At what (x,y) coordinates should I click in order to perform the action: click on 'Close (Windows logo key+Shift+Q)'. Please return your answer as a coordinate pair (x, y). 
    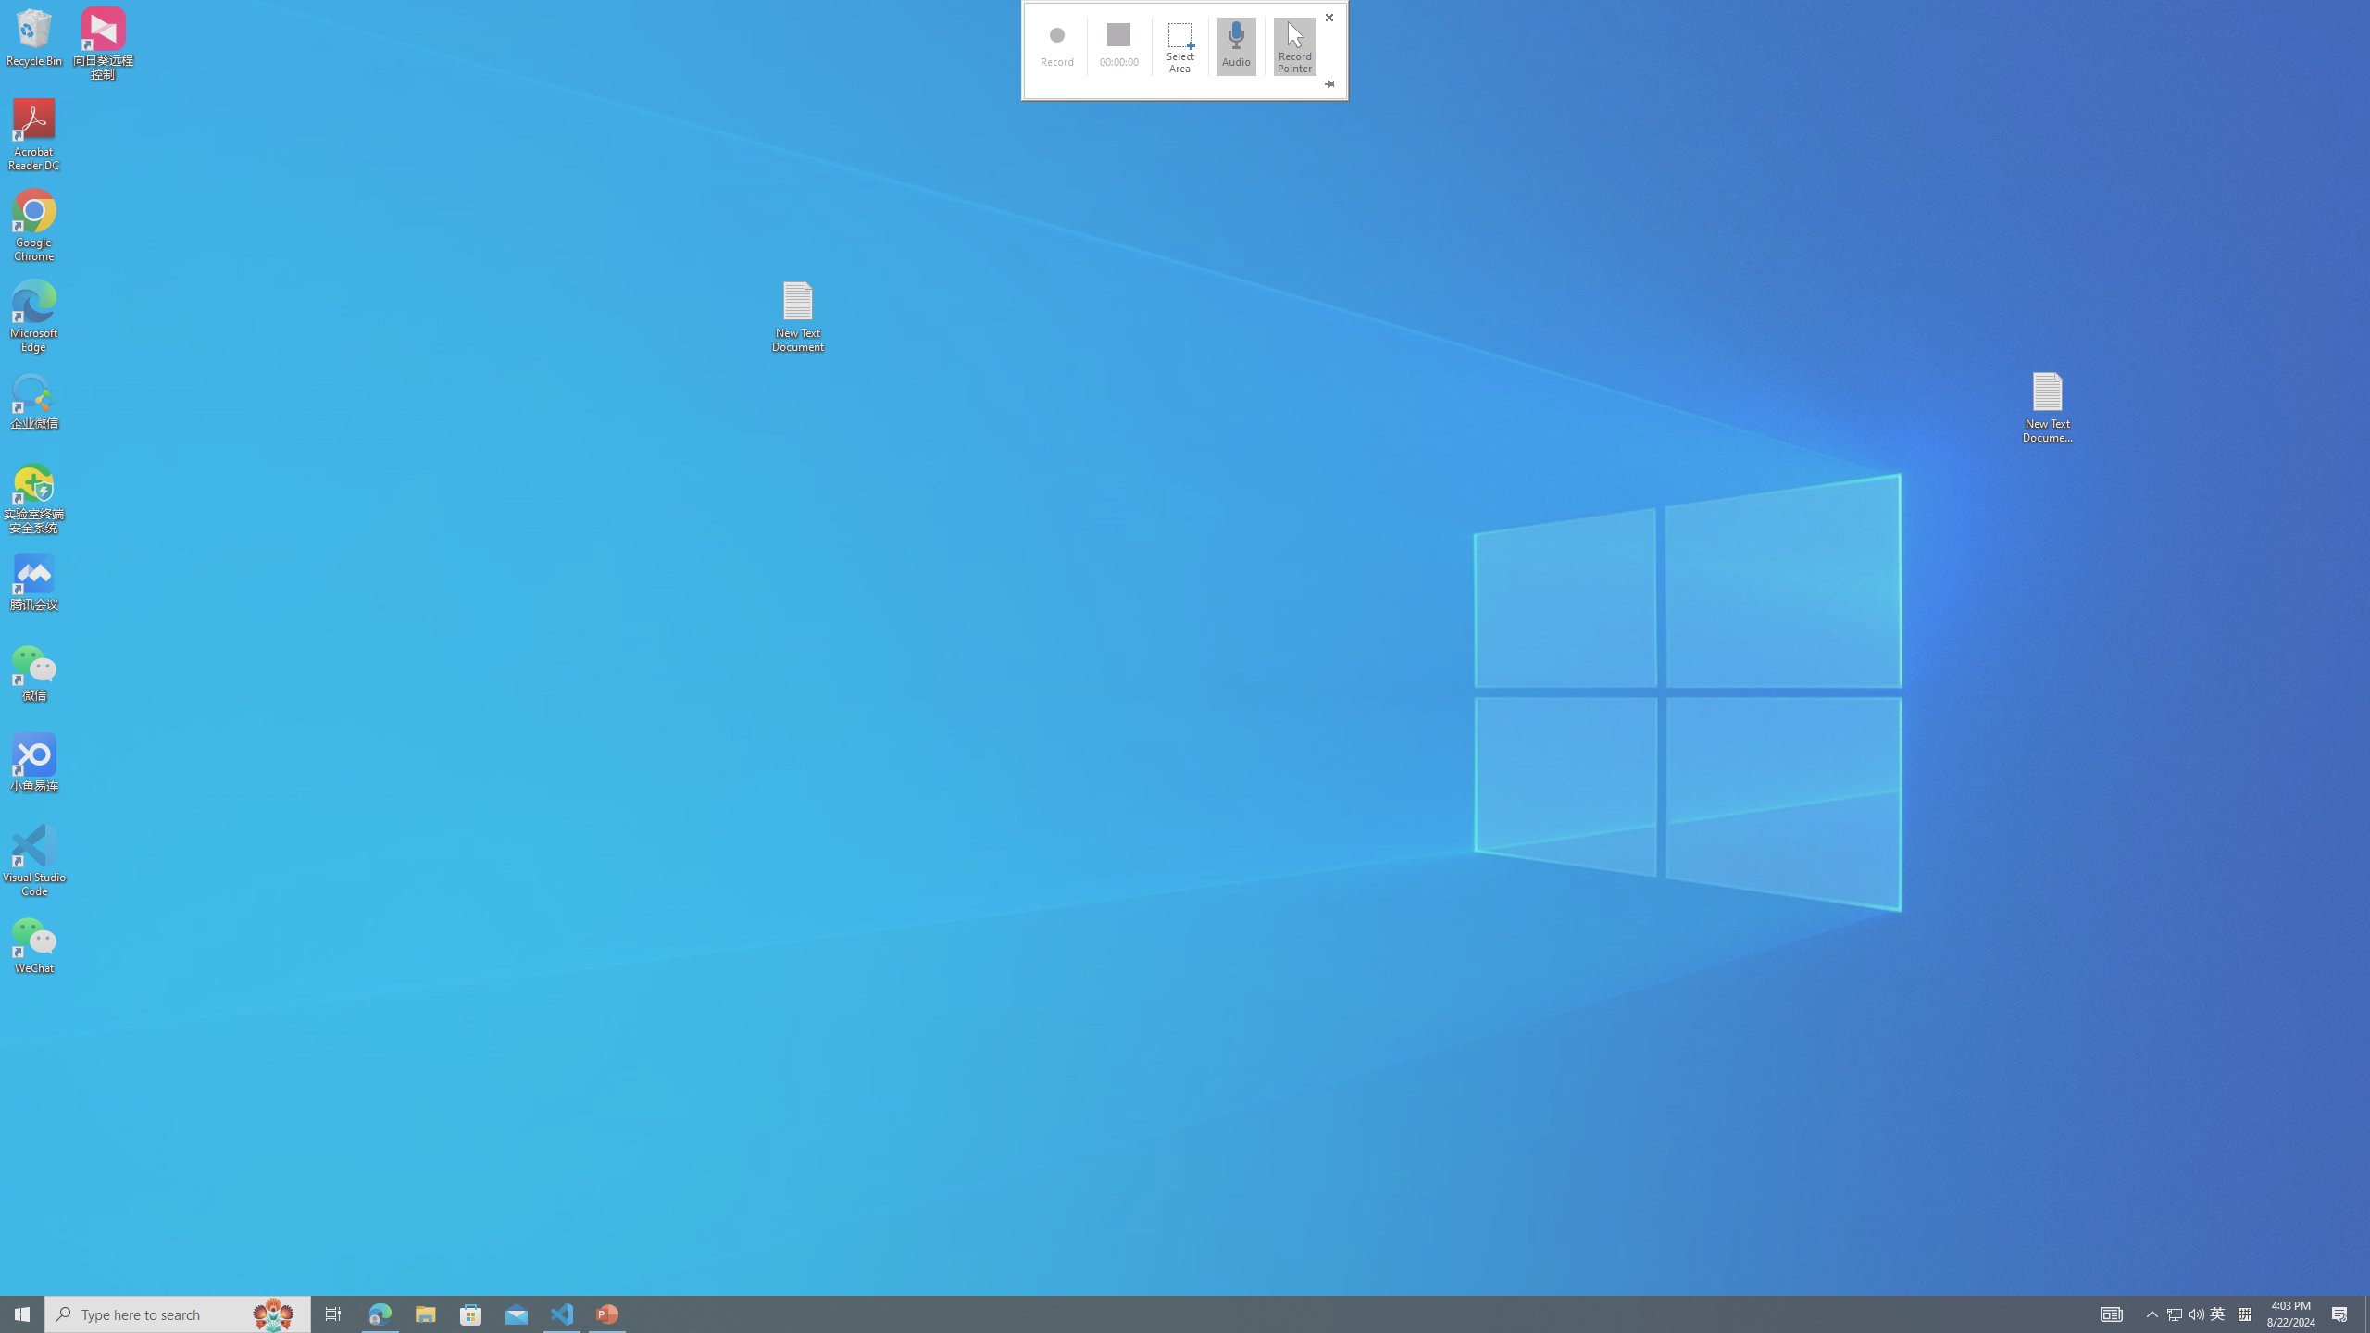
    Looking at the image, I should click on (1328, 18).